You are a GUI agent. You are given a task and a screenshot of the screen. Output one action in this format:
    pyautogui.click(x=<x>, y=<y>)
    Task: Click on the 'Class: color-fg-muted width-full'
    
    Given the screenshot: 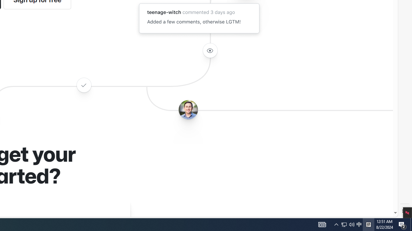 What is the action you would take?
    pyautogui.click(x=83, y=85)
    